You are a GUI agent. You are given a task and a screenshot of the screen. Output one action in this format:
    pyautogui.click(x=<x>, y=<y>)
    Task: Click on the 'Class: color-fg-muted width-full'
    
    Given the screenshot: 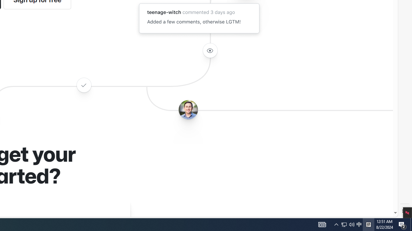 What is the action you would take?
    pyautogui.click(x=83, y=85)
    